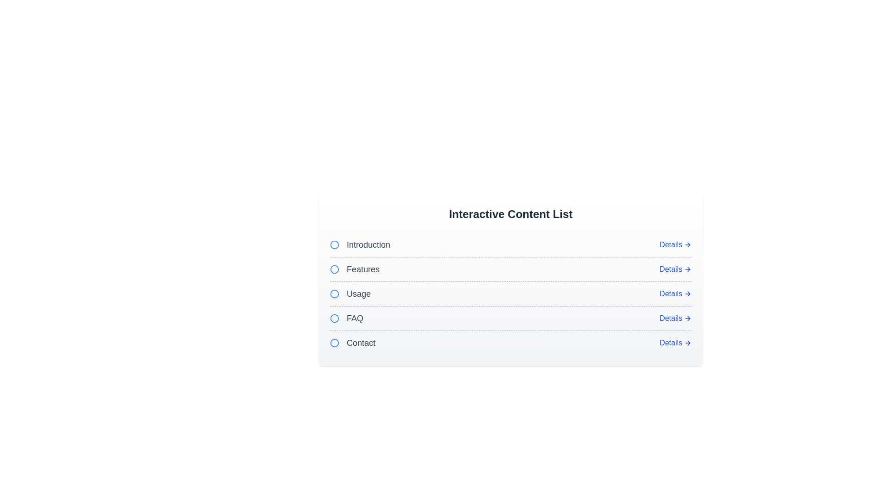 Image resolution: width=890 pixels, height=500 pixels. Describe the element at coordinates (689, 294) in the screenshot. I see `the decorative rightward arrow icon associated with the 'Details' label` at that location.